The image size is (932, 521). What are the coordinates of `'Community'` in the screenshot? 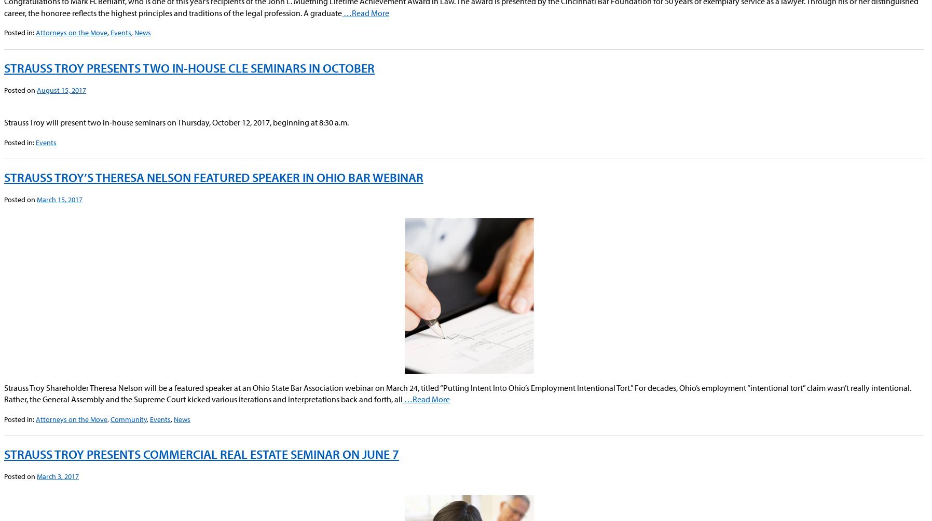 It's located at (129, 419).